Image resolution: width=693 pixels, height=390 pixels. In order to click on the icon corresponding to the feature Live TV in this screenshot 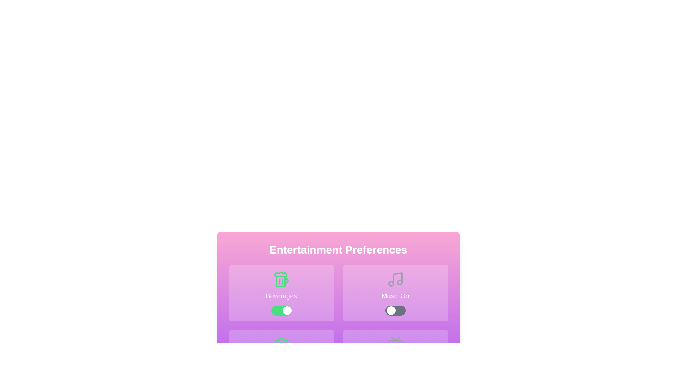, I will do `click(395, 358)`.